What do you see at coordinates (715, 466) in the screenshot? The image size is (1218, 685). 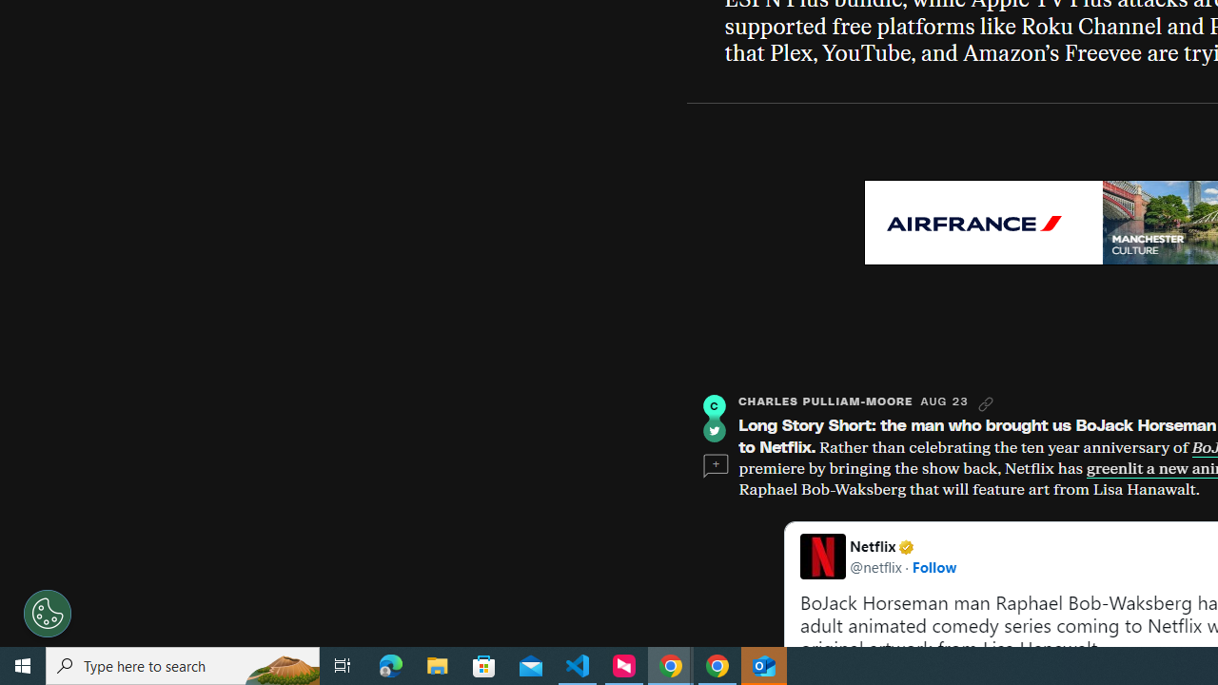 I see `'Comments'` at bounding box center [715, 466].